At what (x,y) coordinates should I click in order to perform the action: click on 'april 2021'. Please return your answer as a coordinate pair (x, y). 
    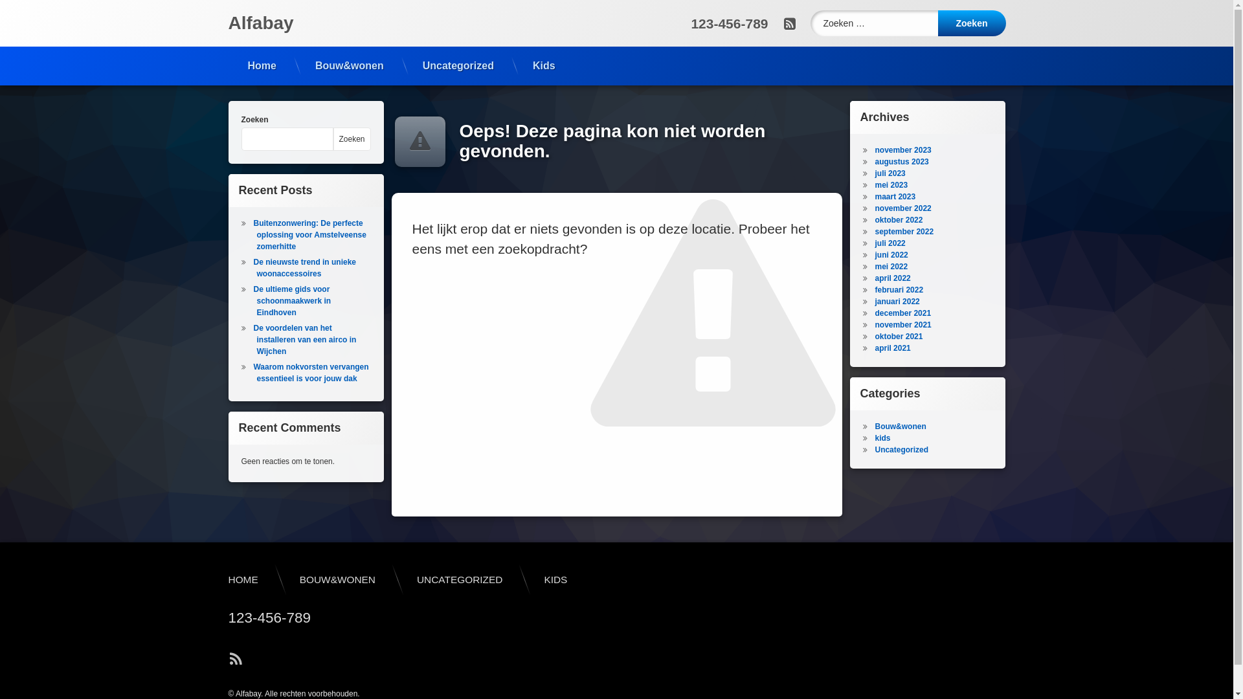
    Looking at the image, I should click on (874, 347).